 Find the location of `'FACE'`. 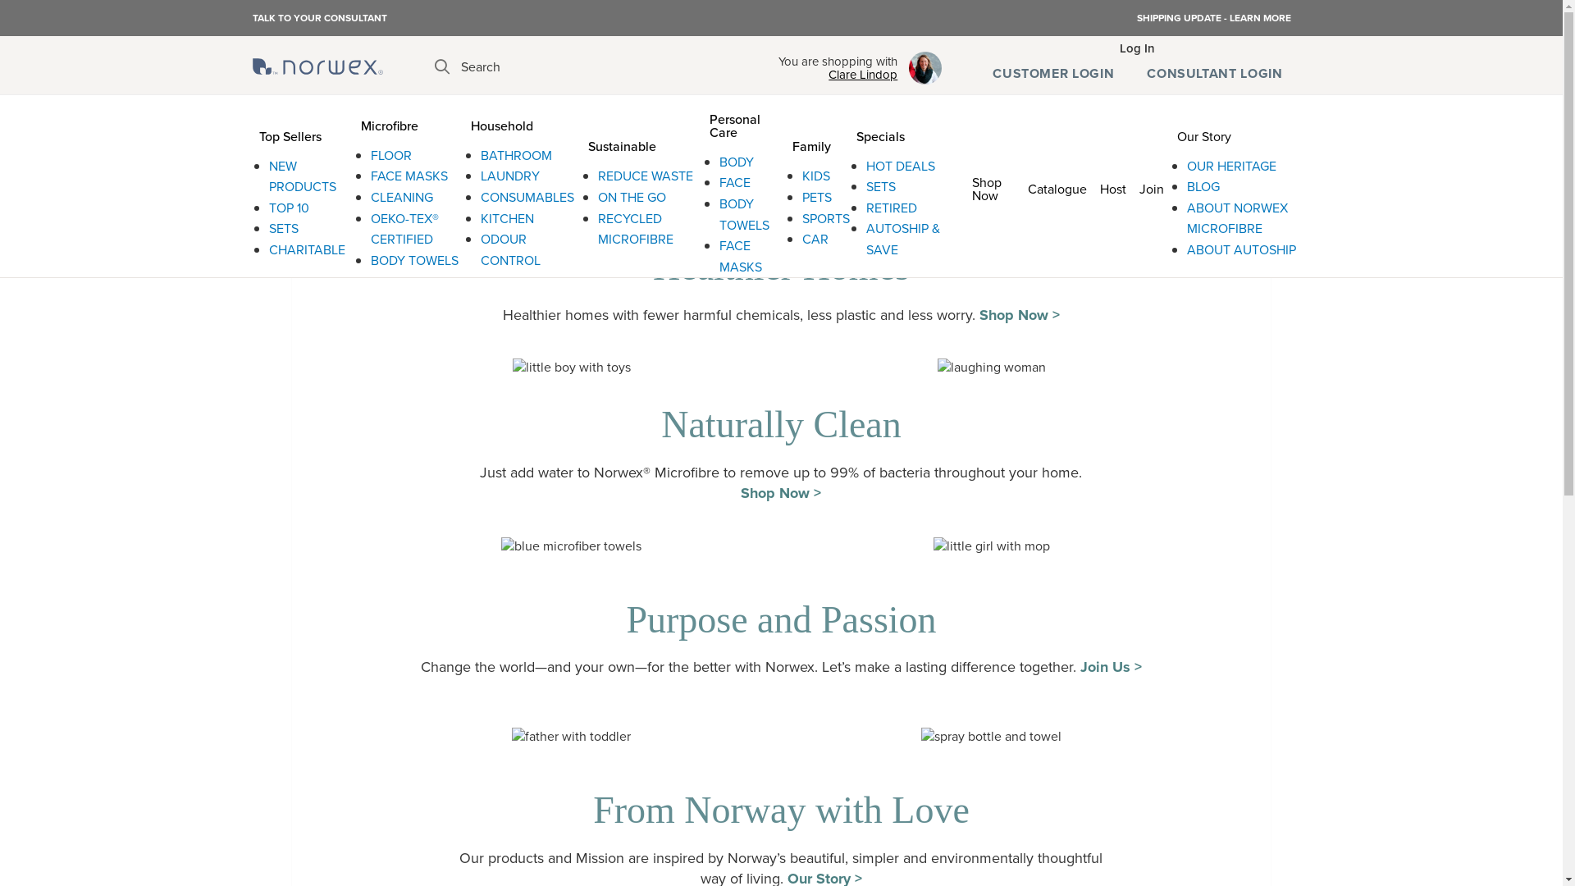

'FACE' is located at coordinates (734, 182).